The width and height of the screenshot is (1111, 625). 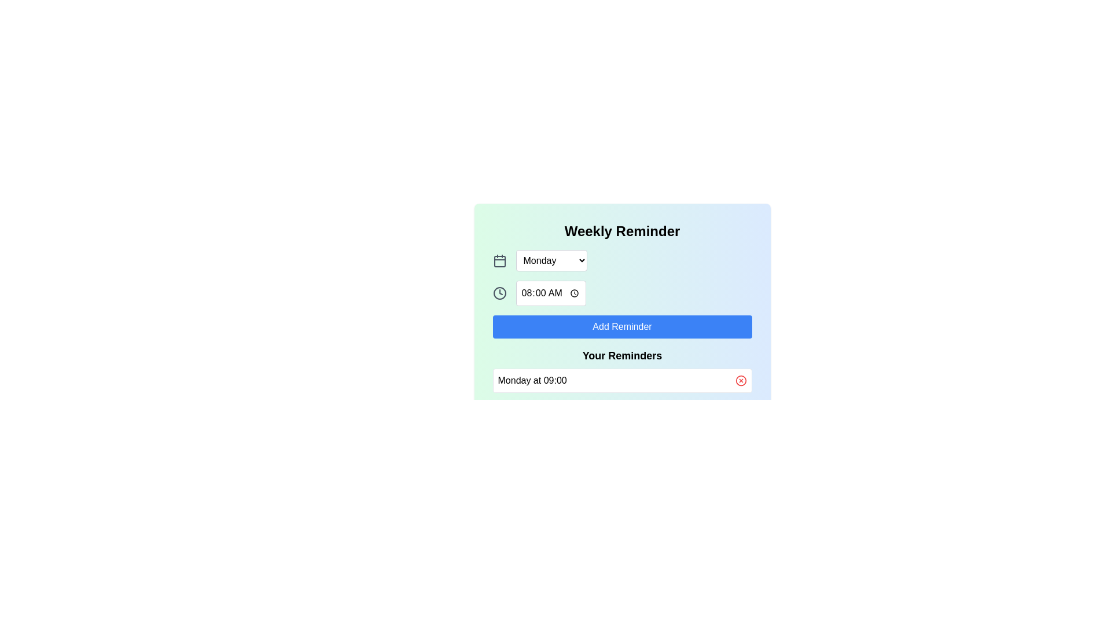 I want to click on the Time input field, which allows the user to input or select a specific time for reminders, to trigger tooltips or style changes, so click(x=550, y=292).